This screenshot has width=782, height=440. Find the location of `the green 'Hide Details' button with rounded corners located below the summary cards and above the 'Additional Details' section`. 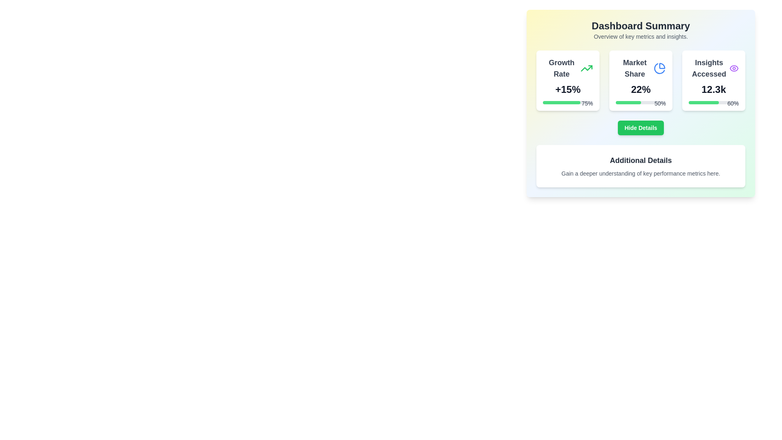

the green 'Hide Details' button with rounded corners located below the summary cards and above the 'Additional Details' section is located at coordinates (640, 128).